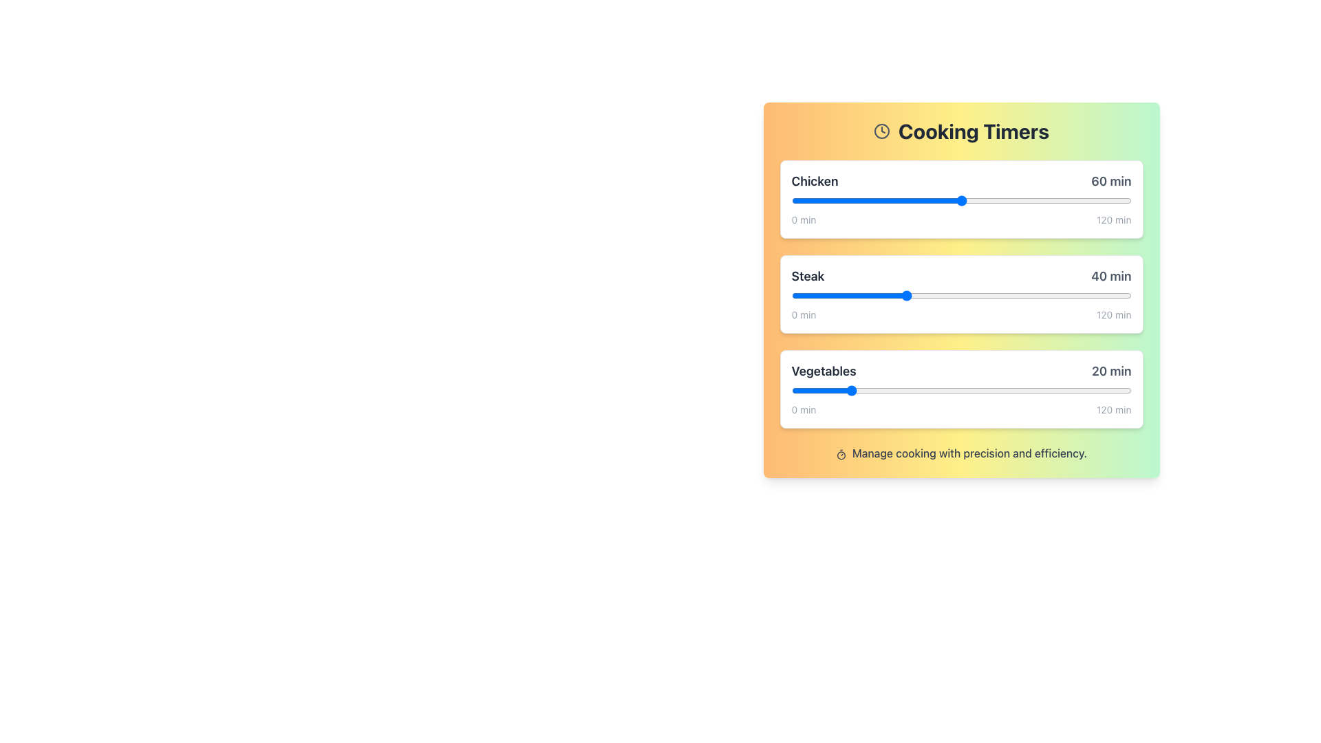 Image resolution: width=1321 pixels, height=743 pixels. What do you see at coordinates (960, 390) in the screenshot?
I see `the timer for vegetables` at bounding box center [960, 390].